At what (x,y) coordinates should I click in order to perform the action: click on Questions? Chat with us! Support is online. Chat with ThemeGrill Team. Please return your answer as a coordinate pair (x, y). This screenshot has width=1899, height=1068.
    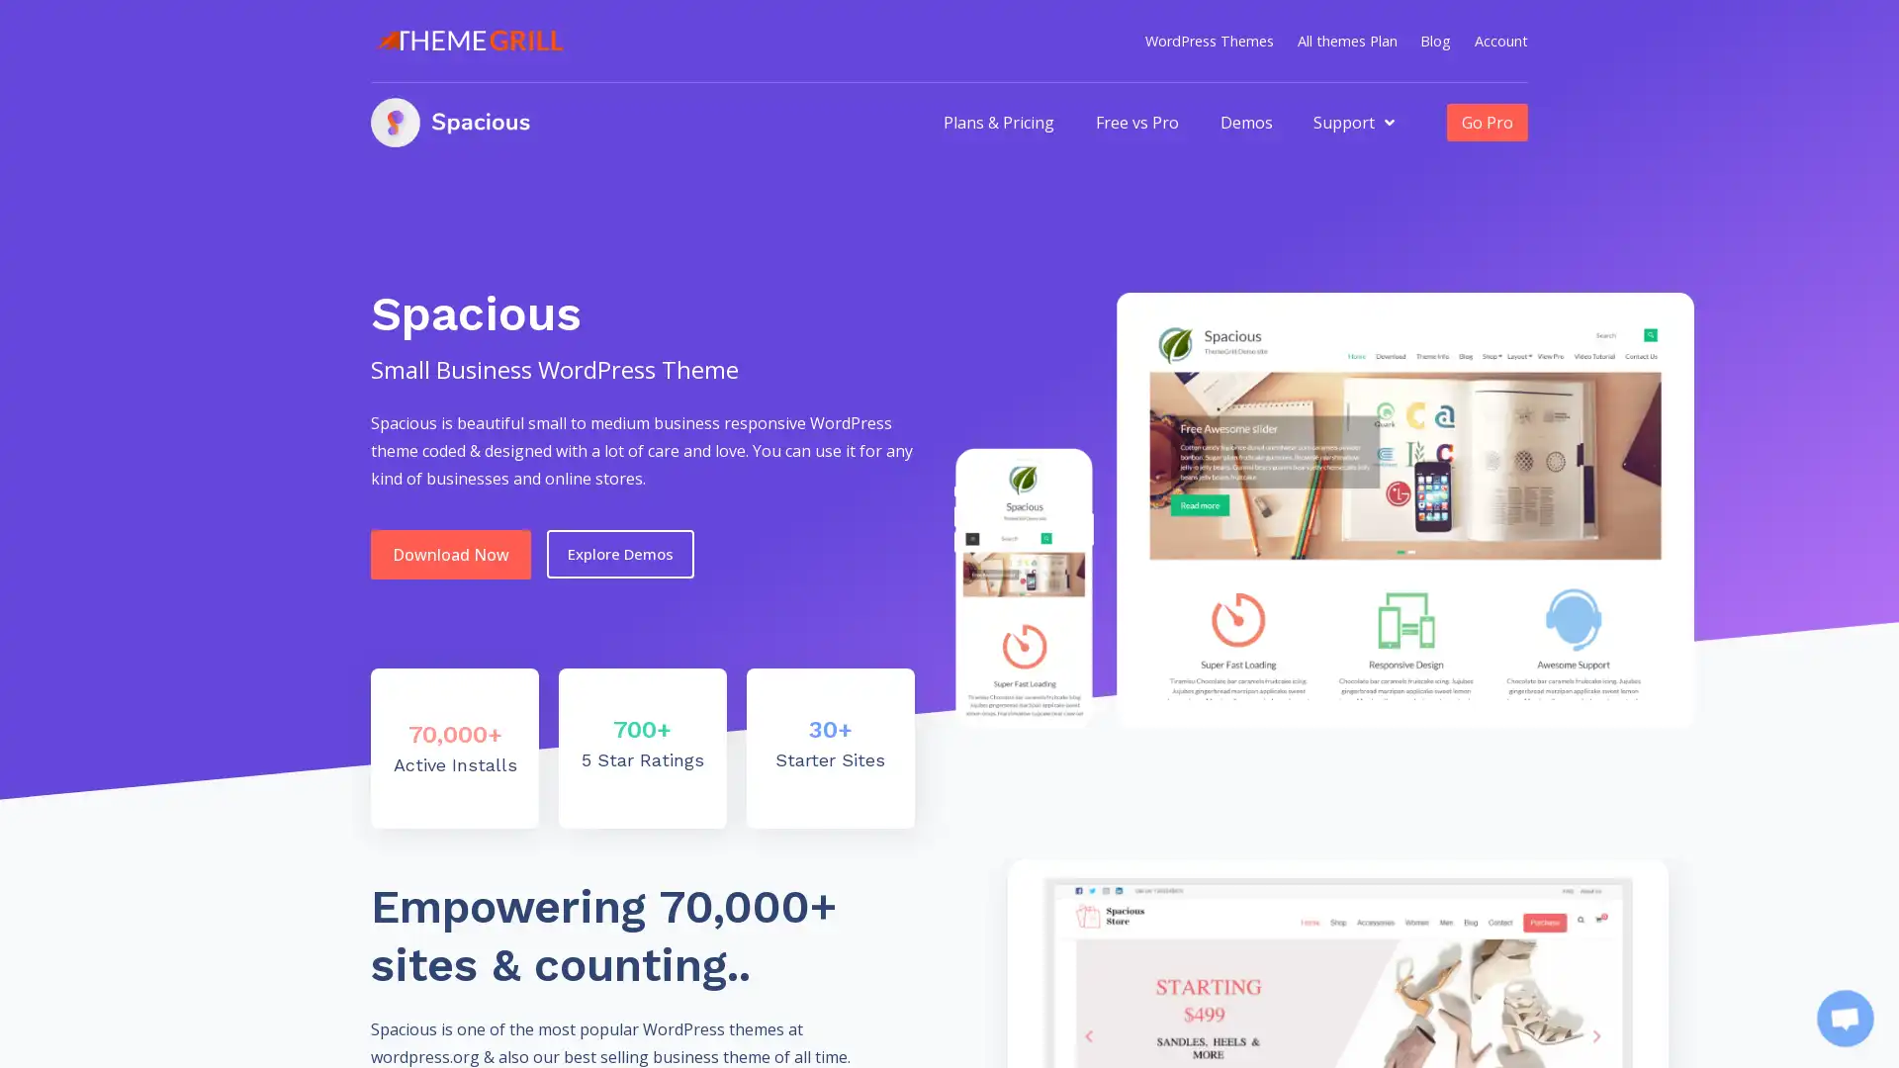
    Looking at the image, I should click on (1845, 1018).